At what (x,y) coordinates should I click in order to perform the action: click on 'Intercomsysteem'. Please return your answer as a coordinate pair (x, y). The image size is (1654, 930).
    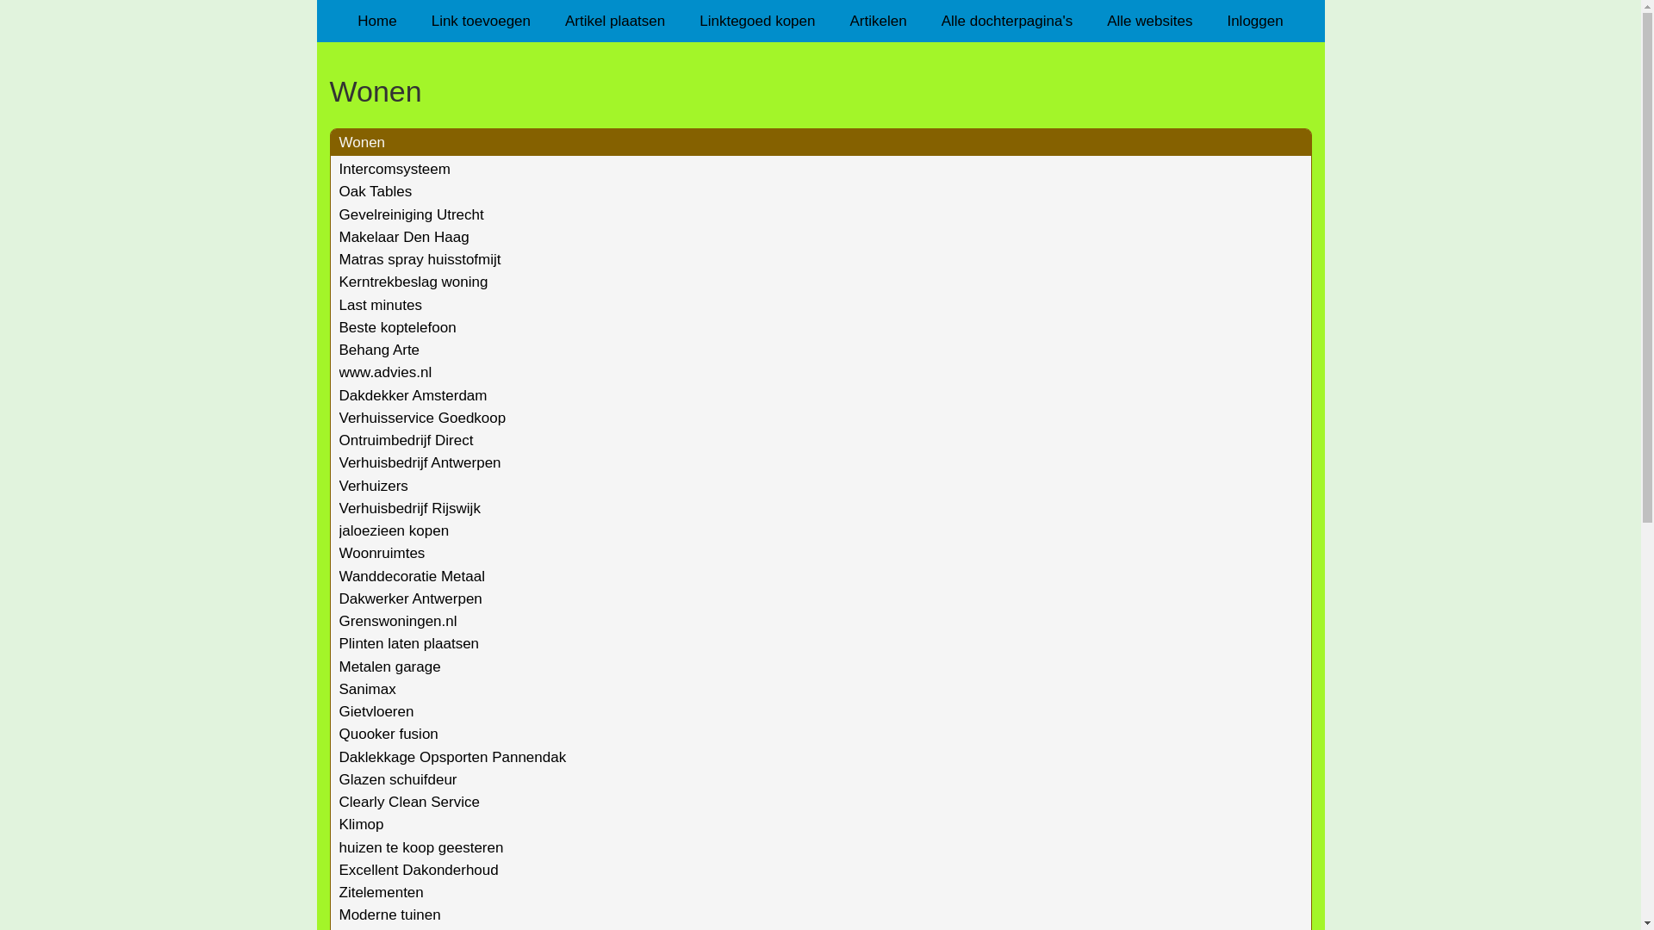
    Looking at the image, I should click on (394, 169).